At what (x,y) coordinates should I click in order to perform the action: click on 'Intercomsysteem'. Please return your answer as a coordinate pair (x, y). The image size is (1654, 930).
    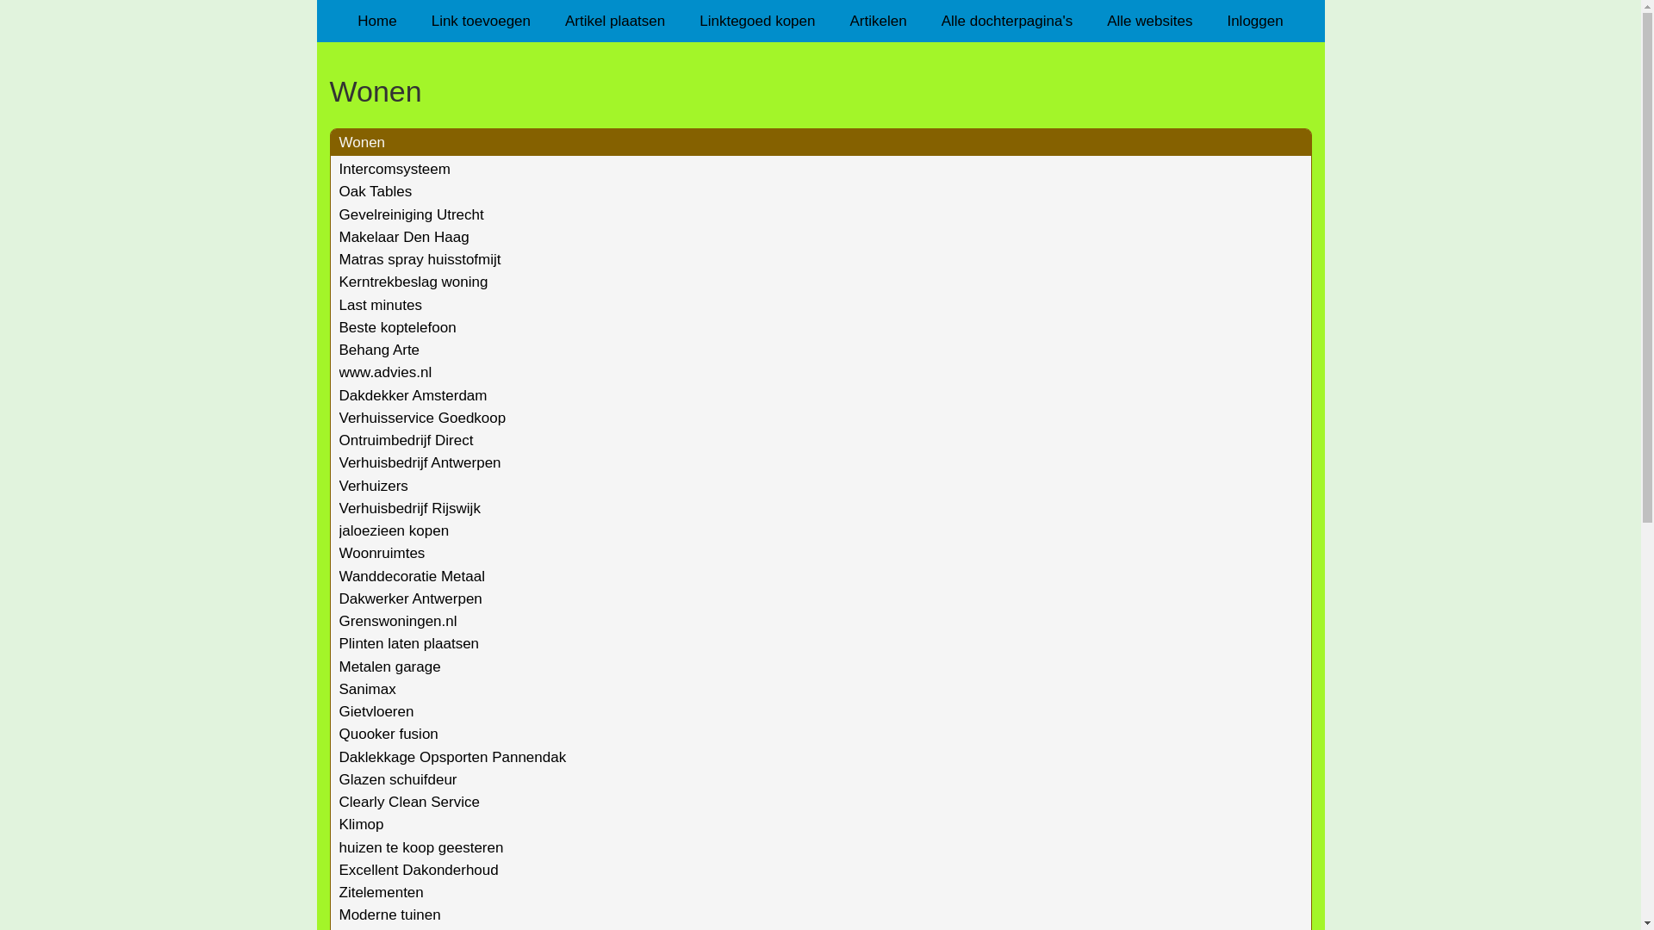
    Looking at the image, I should click on (394, 169).